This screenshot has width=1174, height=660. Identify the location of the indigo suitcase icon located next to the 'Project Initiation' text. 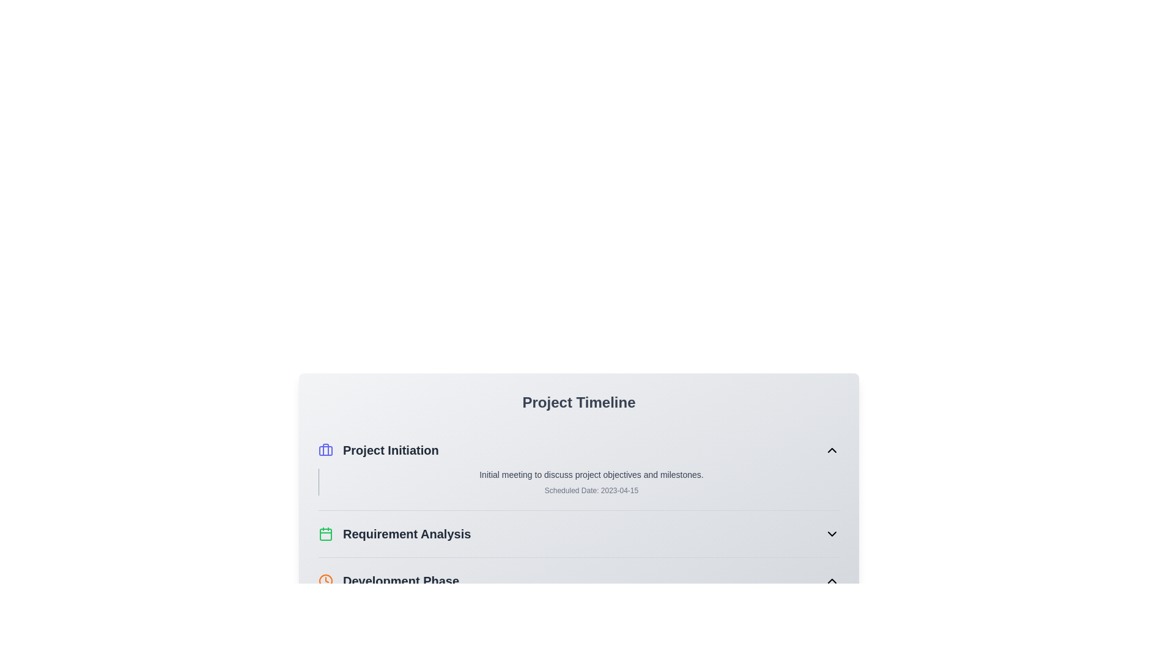
(325, 450).